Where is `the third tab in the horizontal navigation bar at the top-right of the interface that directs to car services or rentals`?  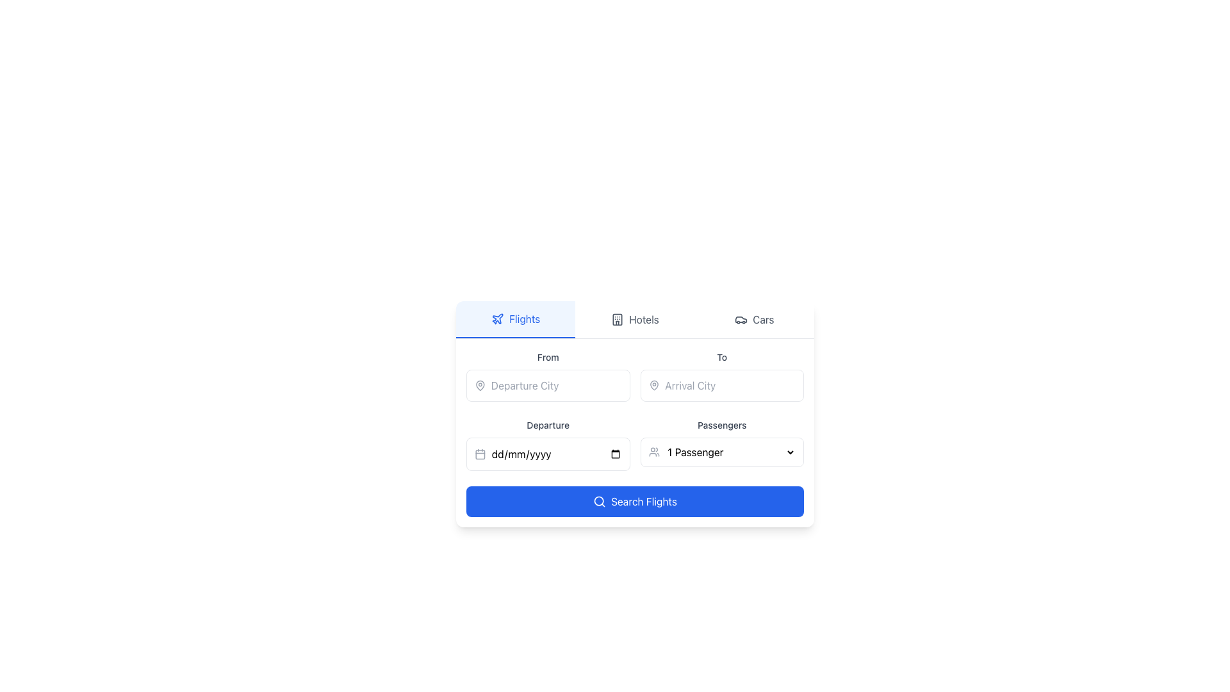 the third tab in the horizontal navigation bar at the top-right of the interface that directs to car services or rentals is located at coordinates (754, 318).